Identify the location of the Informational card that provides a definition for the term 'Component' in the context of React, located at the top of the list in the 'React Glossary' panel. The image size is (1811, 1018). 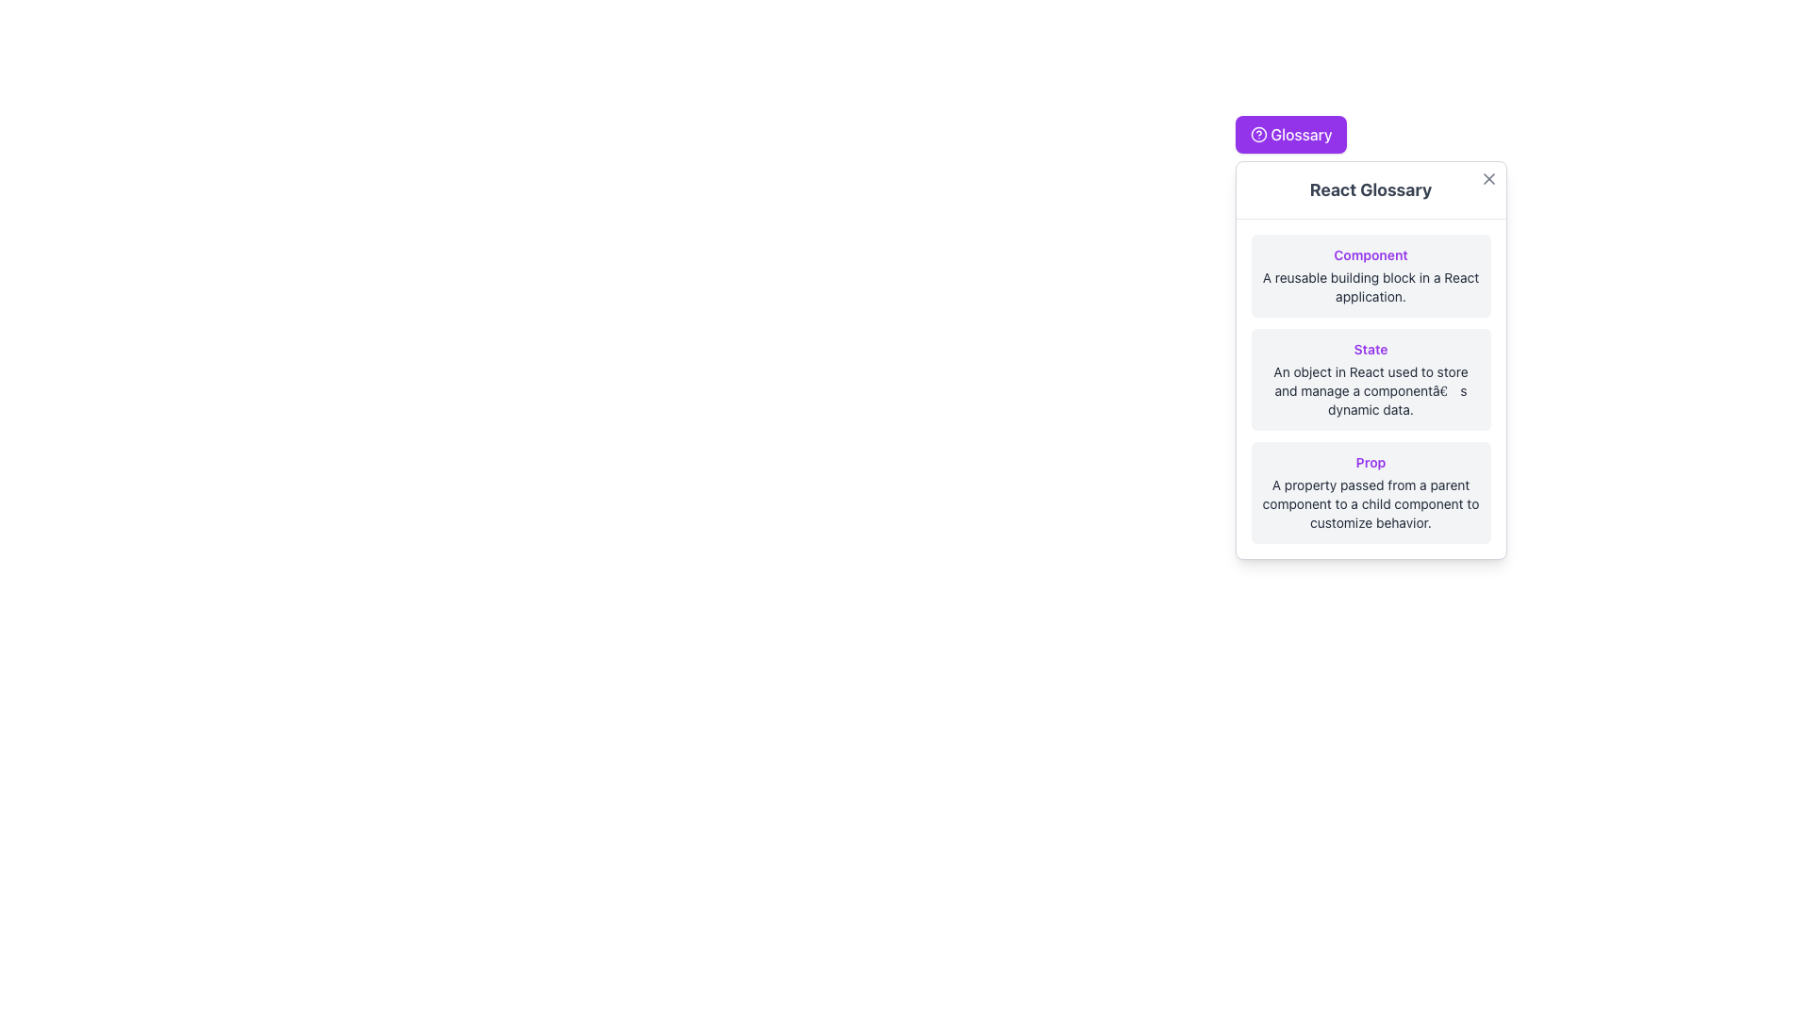
(1371, 276).